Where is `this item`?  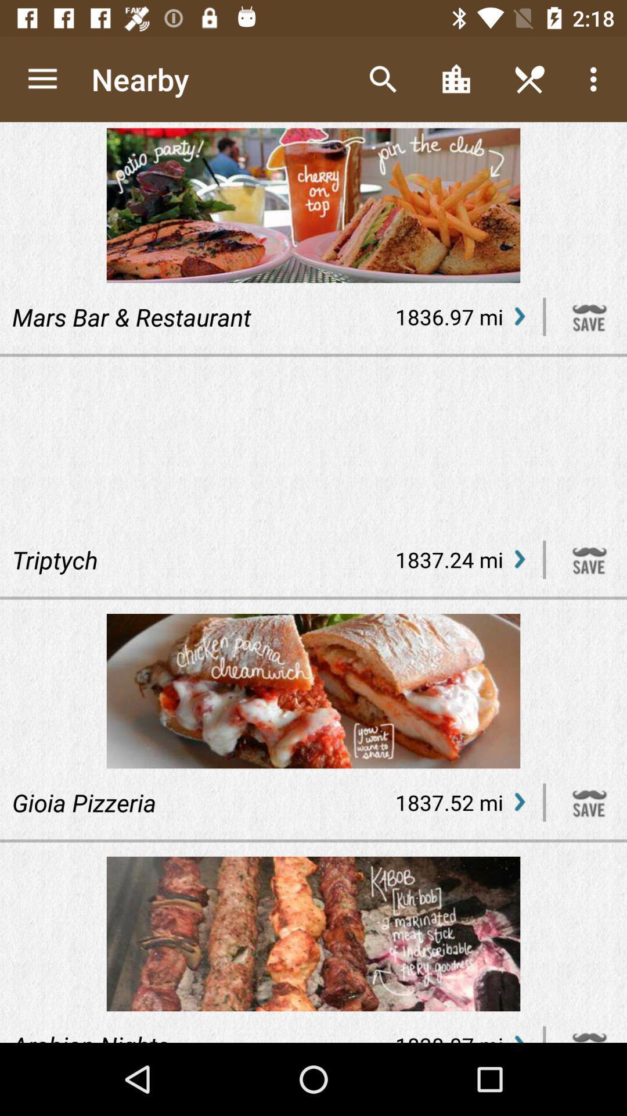 this item is located at coordinates (589, 560).